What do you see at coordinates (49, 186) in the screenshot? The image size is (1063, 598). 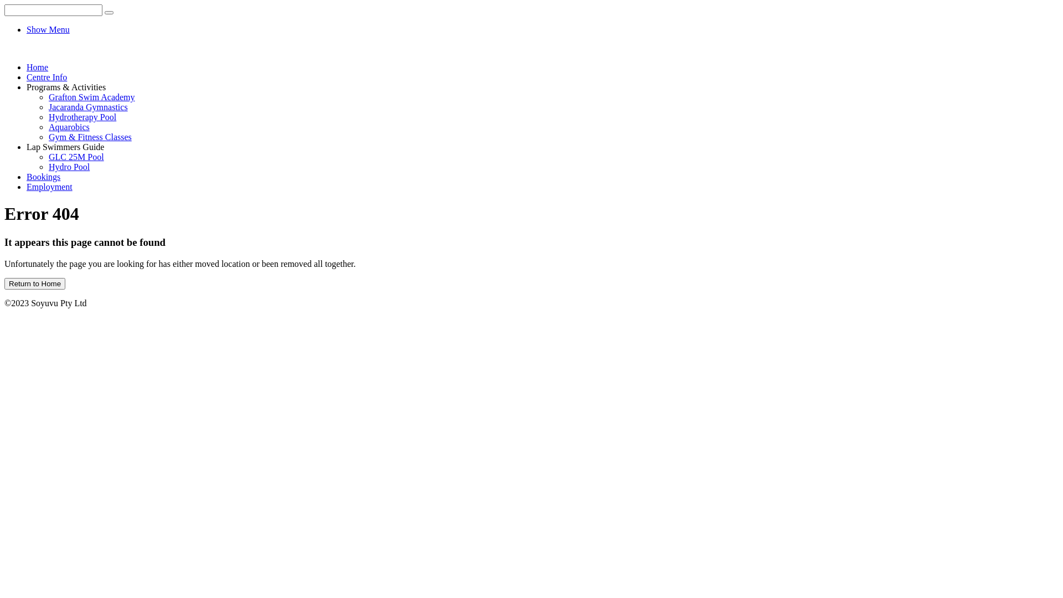 I see `'Employment'` at bounding box center [49, 186].